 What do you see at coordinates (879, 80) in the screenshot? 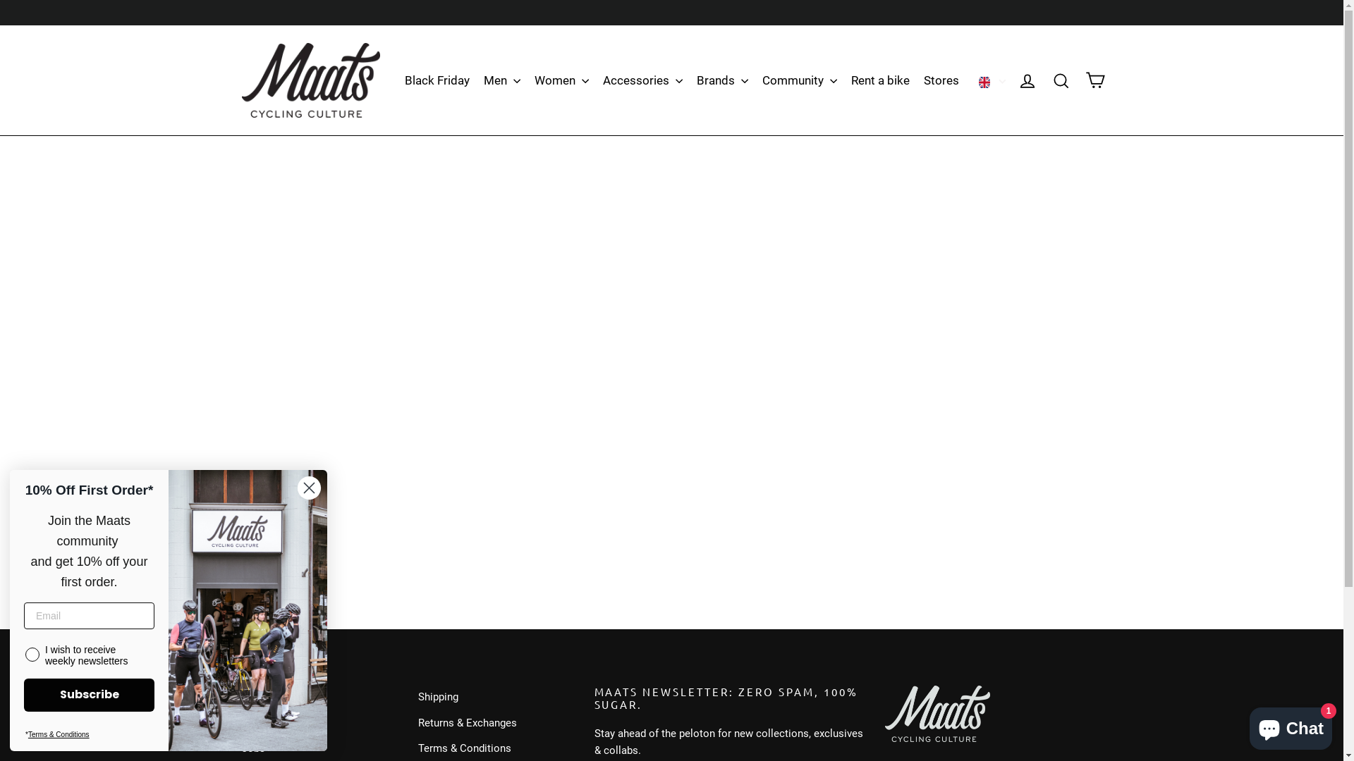
I see `'Rent a bike'` at bounding box center [879, 80].